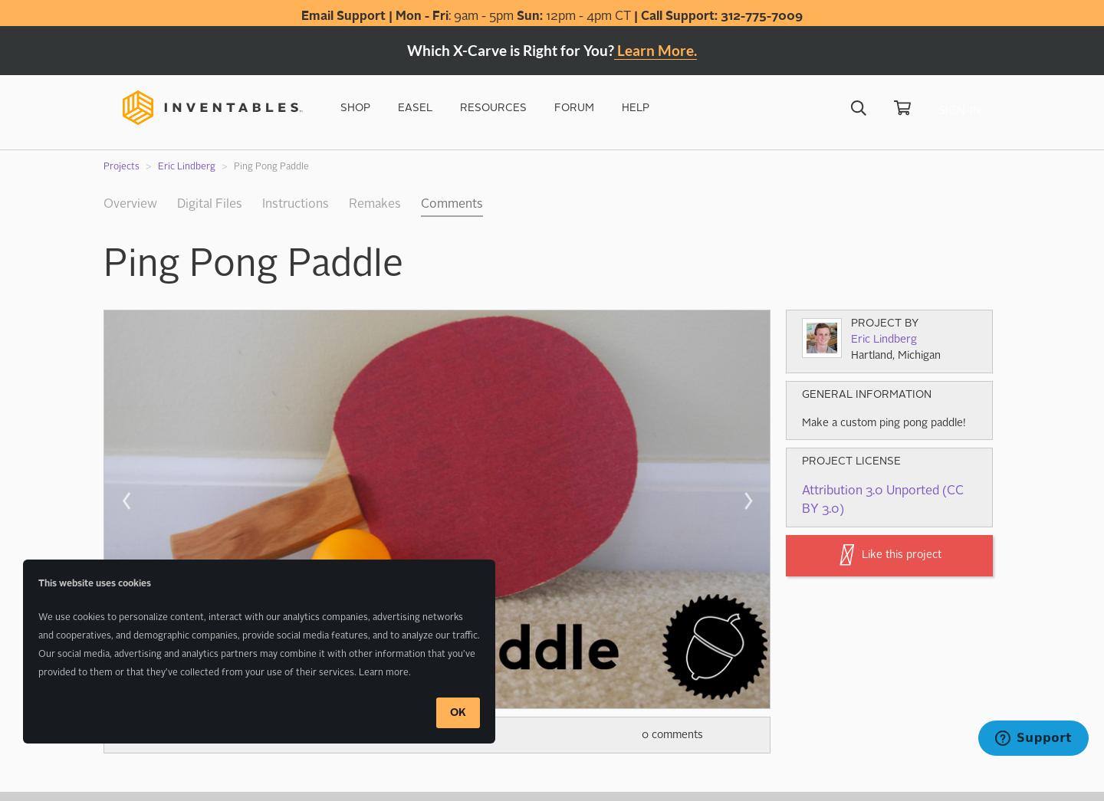  I want to click on 'Projects', so click(120, 166).